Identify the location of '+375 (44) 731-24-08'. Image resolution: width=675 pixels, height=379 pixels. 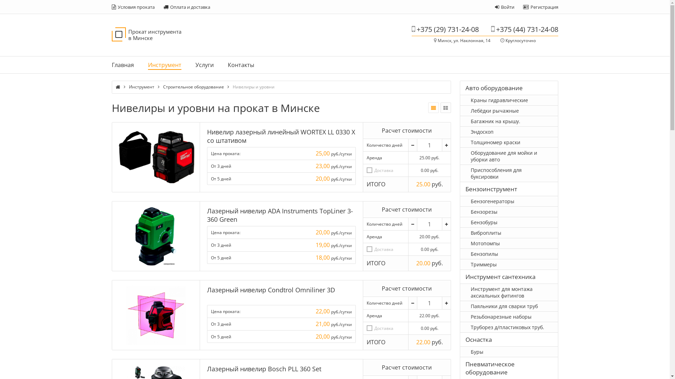
(524, 29).